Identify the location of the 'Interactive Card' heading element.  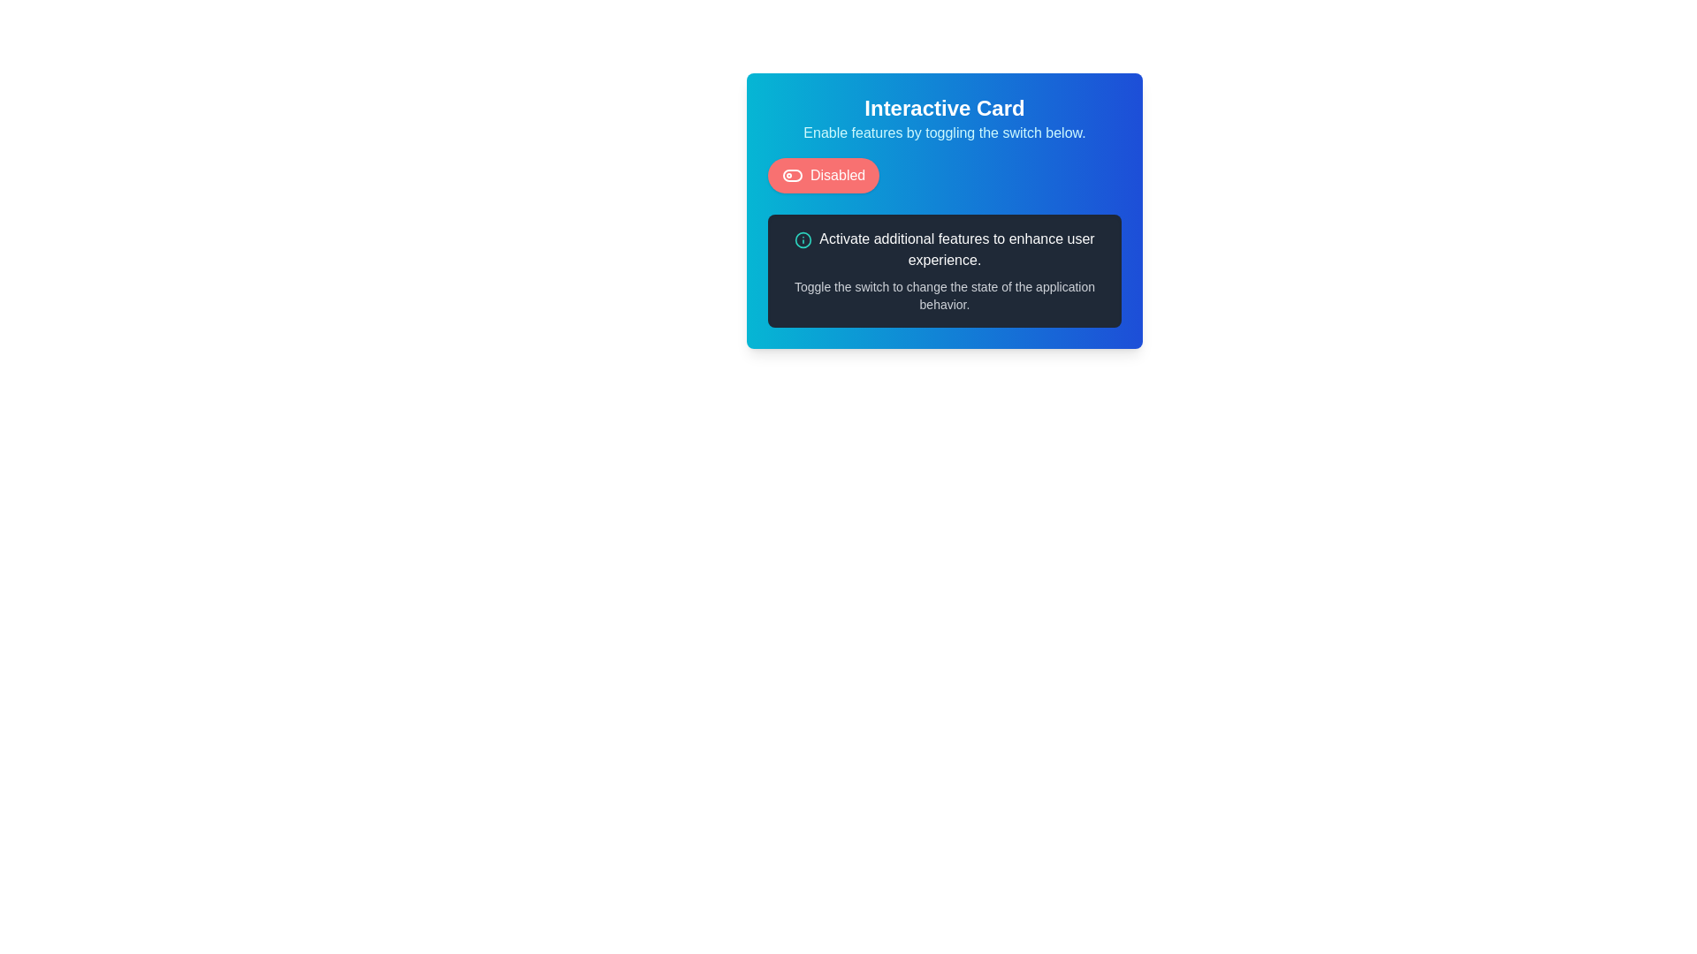
(944, 109).